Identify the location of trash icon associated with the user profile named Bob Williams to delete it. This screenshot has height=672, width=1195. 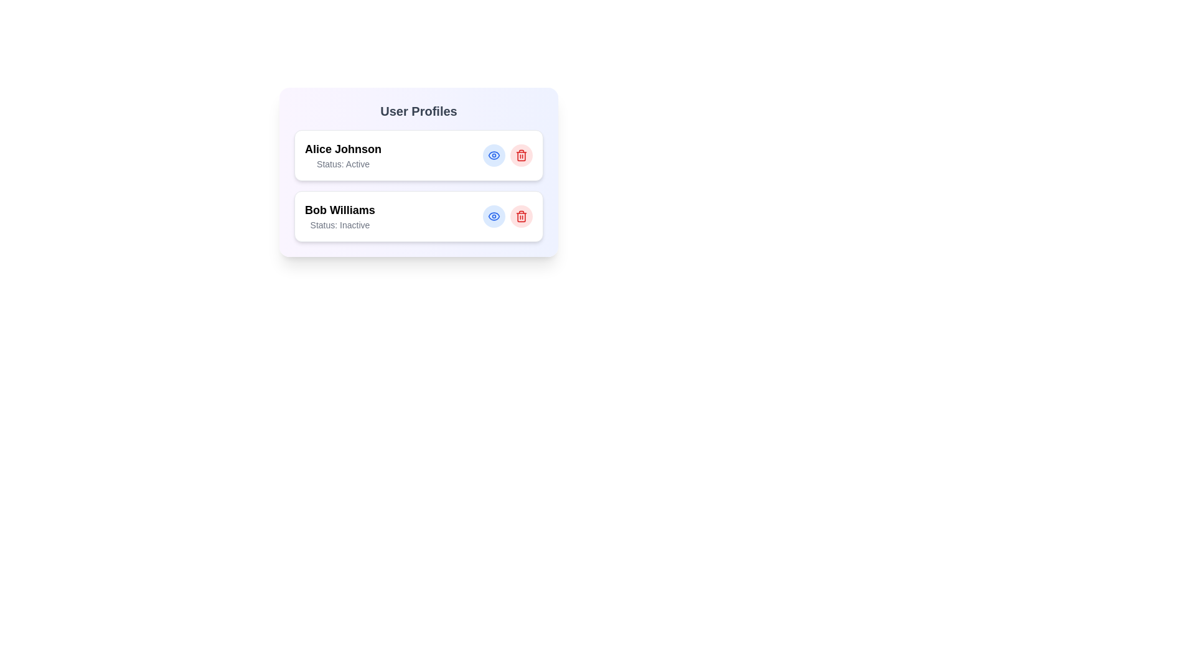
(522, 215).